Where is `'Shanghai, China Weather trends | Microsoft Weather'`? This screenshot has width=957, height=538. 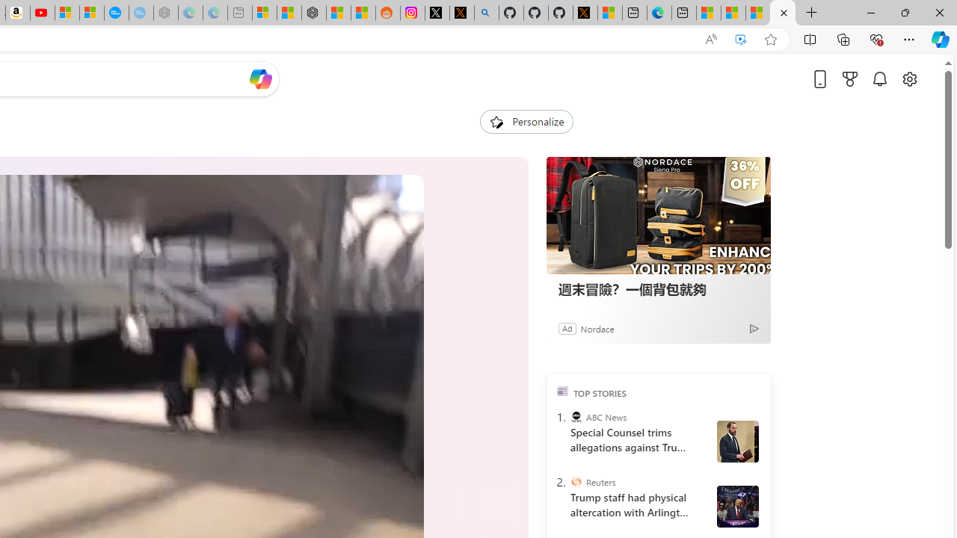
'Shanghai, China Weather trends | Microsoft Weather' is located at coordinates (363, 13).